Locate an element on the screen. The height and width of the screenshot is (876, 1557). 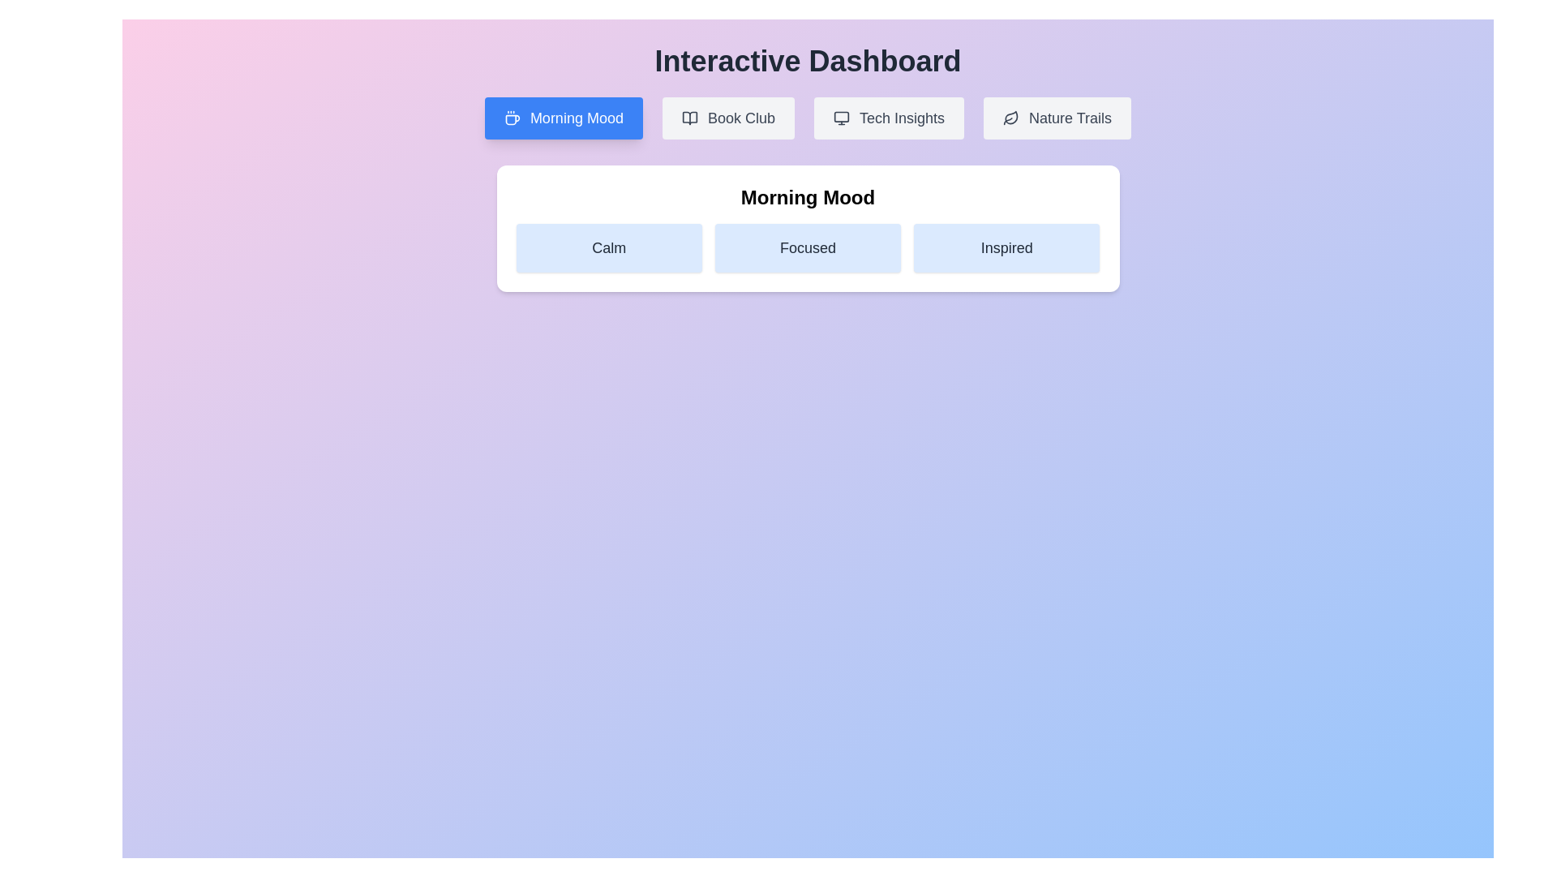
the 'Calm' mood button-like label, which is the first item in a row of three mood selection elements located below the 'Morning Mood' heading is located at coordinates (608, 247).